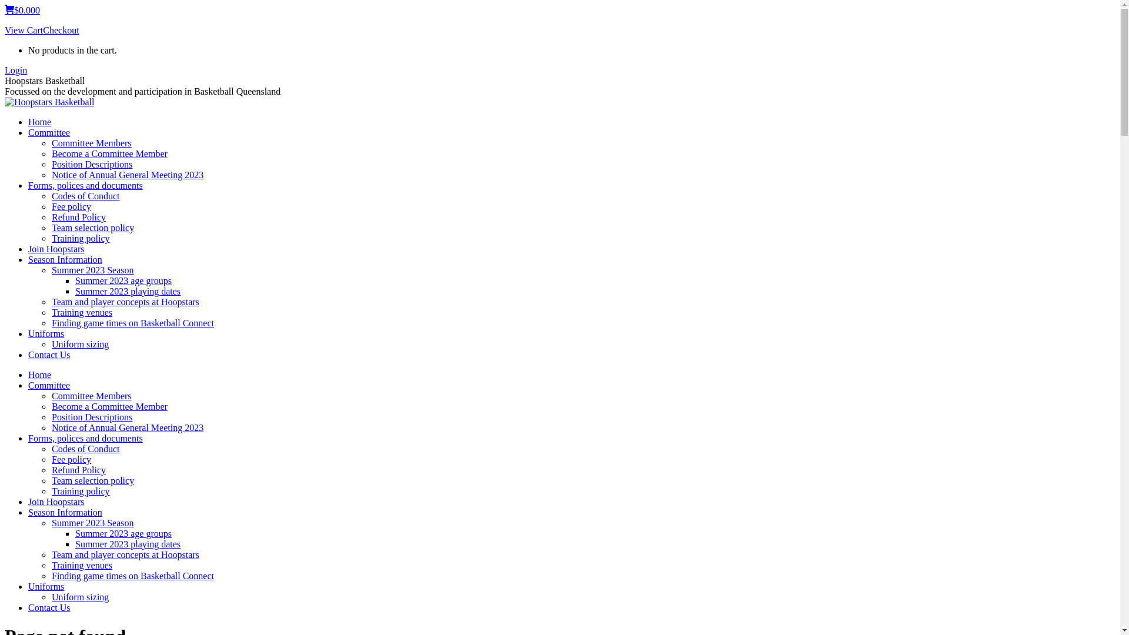  Describe the element at coordinates (16, 70) in the screenshot. I see `'Login'` at that location.